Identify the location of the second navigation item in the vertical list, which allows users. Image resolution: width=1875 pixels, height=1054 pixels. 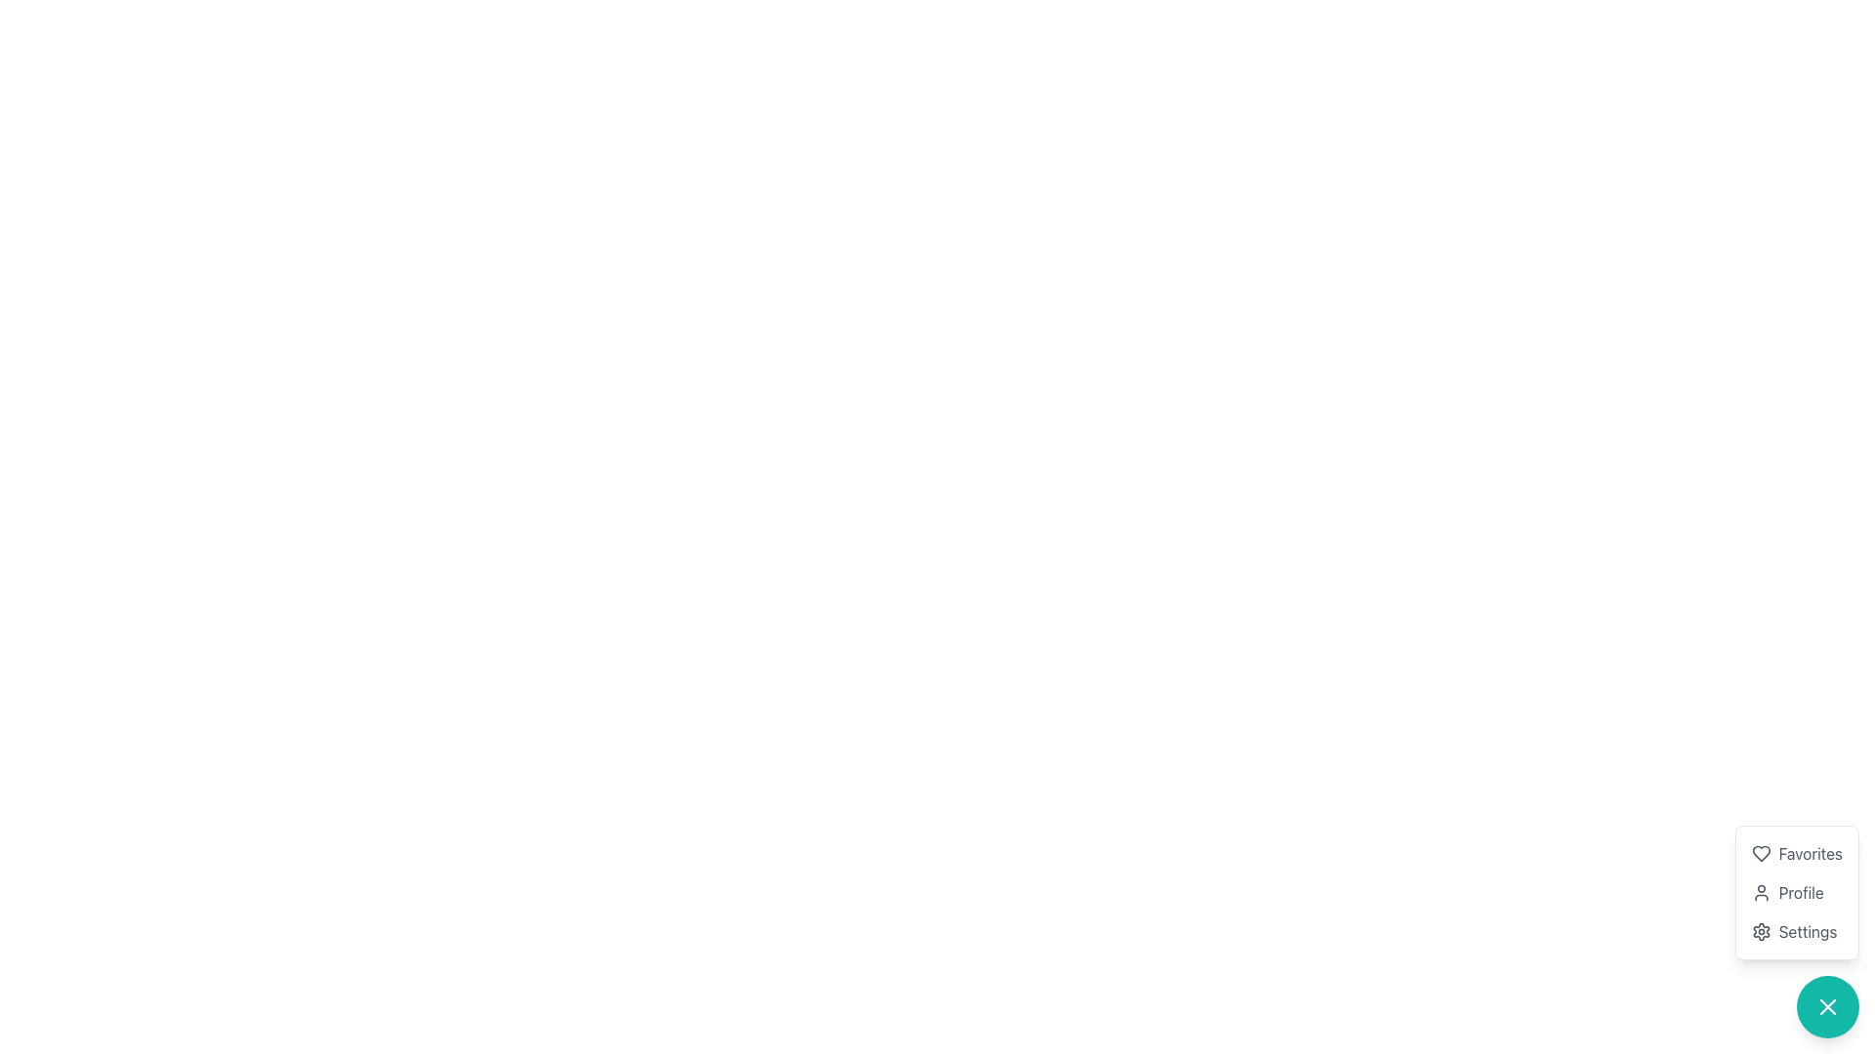
(1797, 892).